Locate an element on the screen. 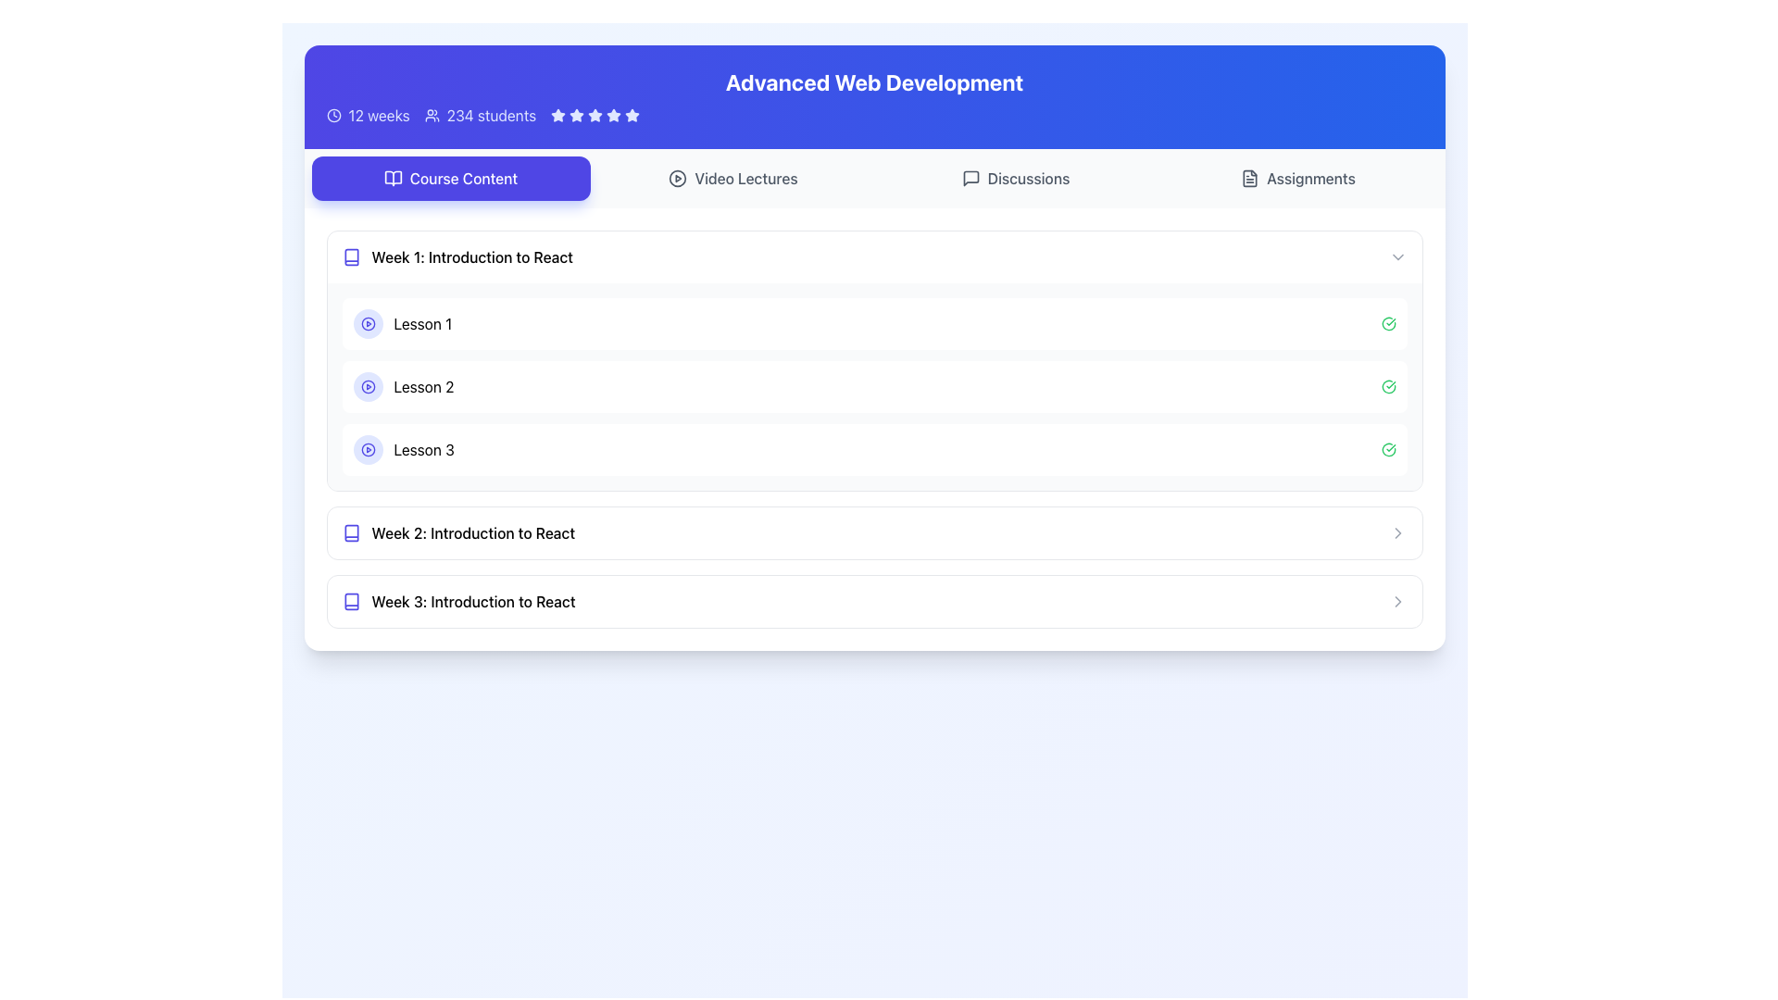 Image resolution: width=1778 pixels, height=1000 pixels. the circular play button with an embedded icon for Lesson 3, located under 'Week 1: Introduction to React' is located at coordinates (368, 450).